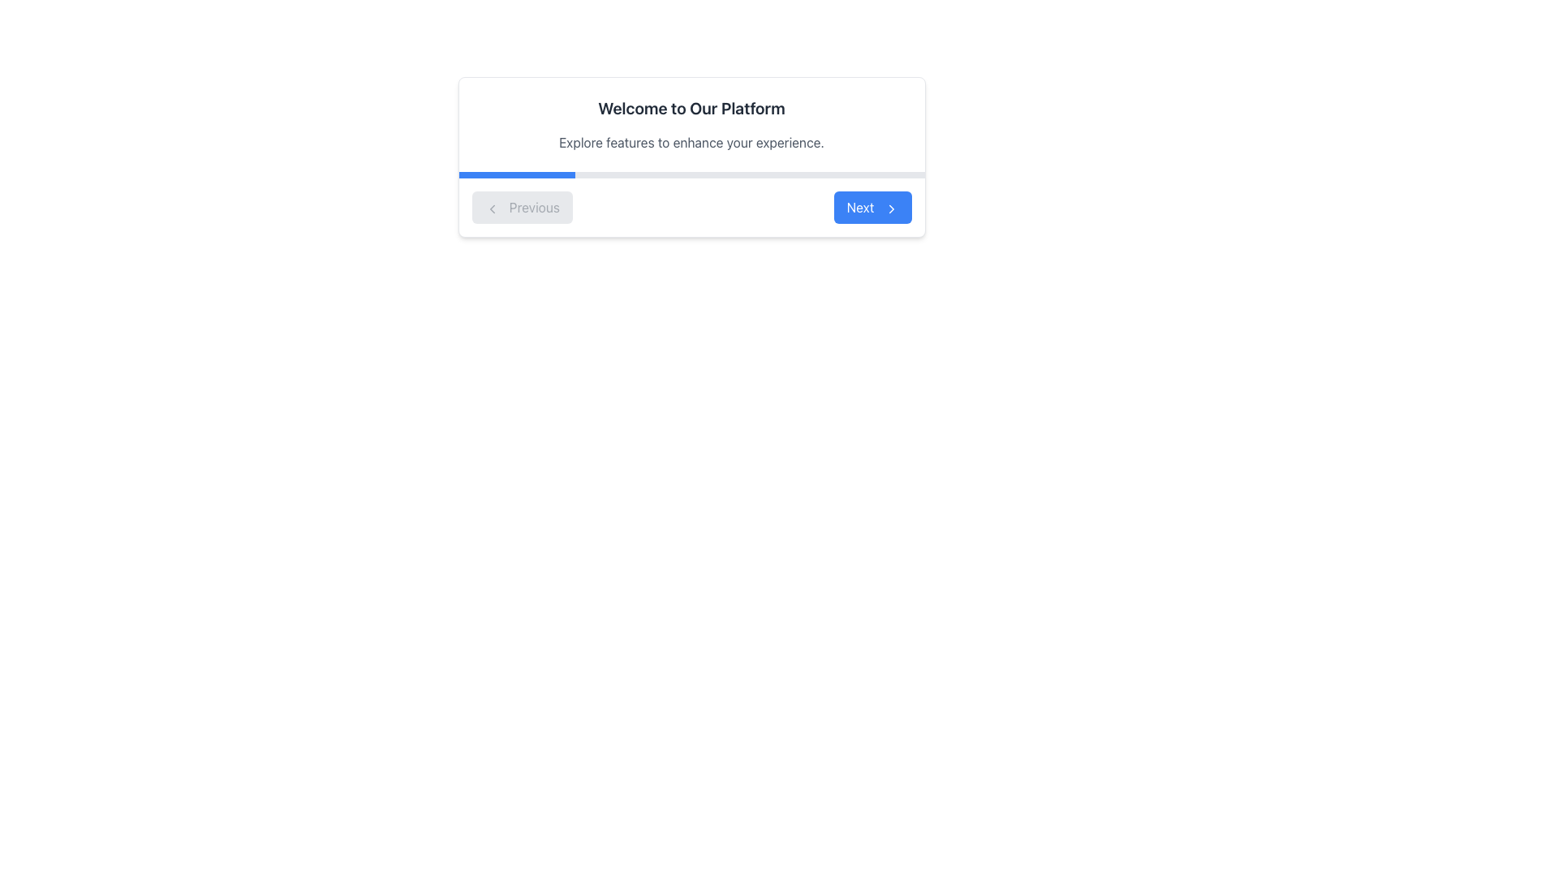  I want to click on the left-pointing chevron icon located within the navigation controls at the bottom of the modal, positioned to the left of the 'Previous' button, so click(491, 208).